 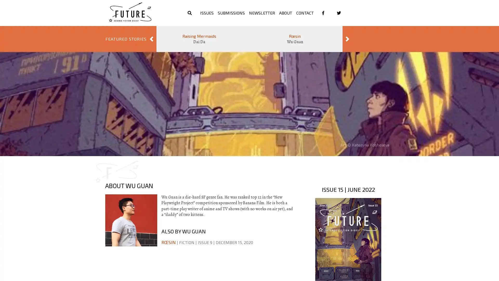 What do you see at coordinates (347, 39) in the screenshot?
I see `Next` at bounding box center [347, 39].